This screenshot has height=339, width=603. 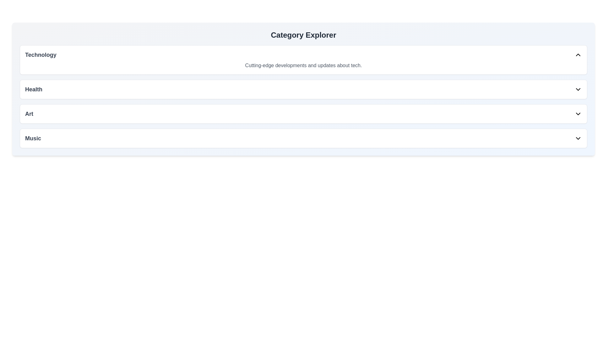 I want to click on the title of the category Health to view its details, so click(x=33, y=89).